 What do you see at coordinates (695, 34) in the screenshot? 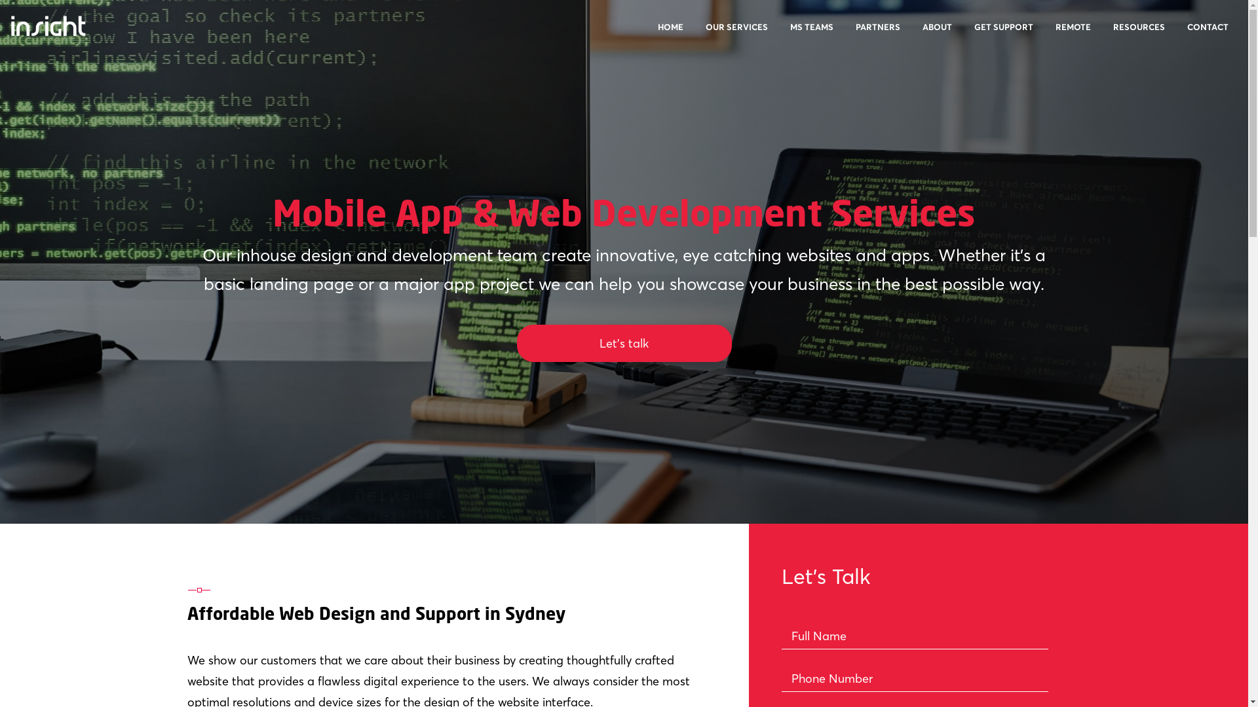
I see `'OUR SERVICES'` at bounding box center [695, 34].